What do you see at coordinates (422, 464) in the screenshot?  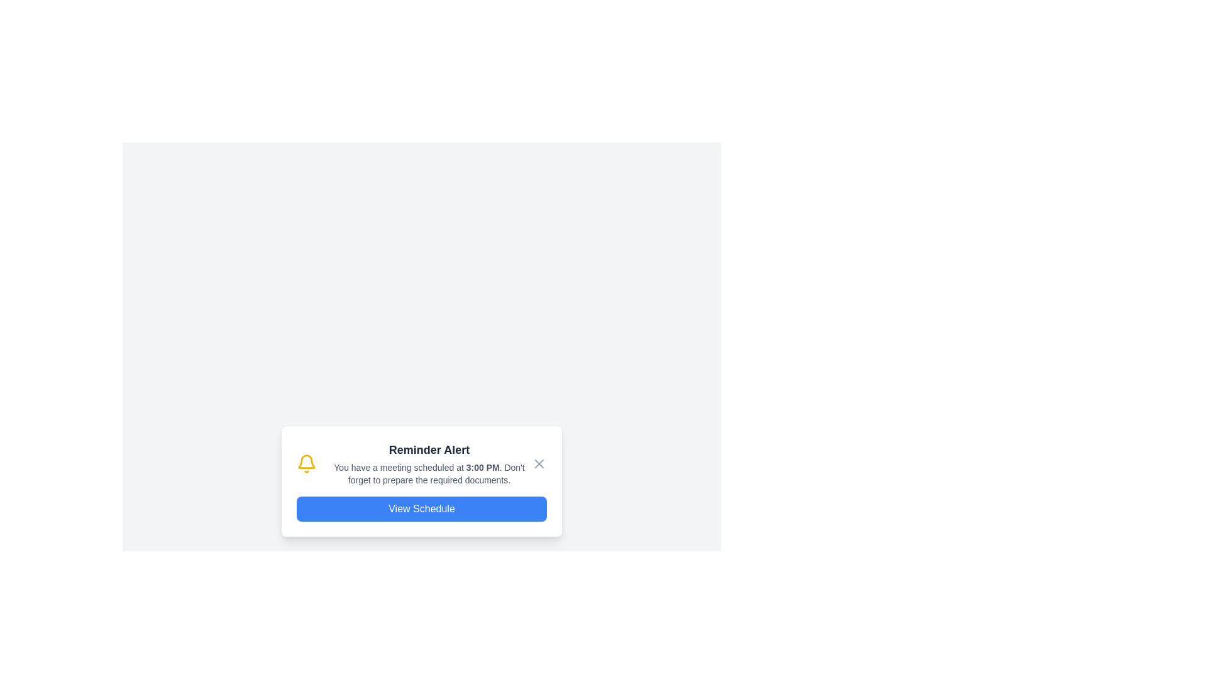 I see `the Notification panel that alerts the user about a scheduled meeting, which includes a close button for dismissal` at bounding box center [422, 464].